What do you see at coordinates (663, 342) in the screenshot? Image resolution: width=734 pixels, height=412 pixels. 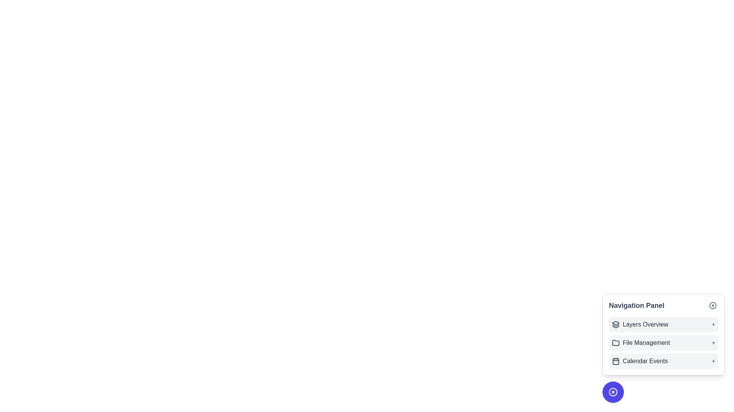 I see `to select the 'File Management' item in the navigation panel, which is indicated by a folder icon and a '+' symbol on the right, styled with a light background color` at bounding box center [663, 342].